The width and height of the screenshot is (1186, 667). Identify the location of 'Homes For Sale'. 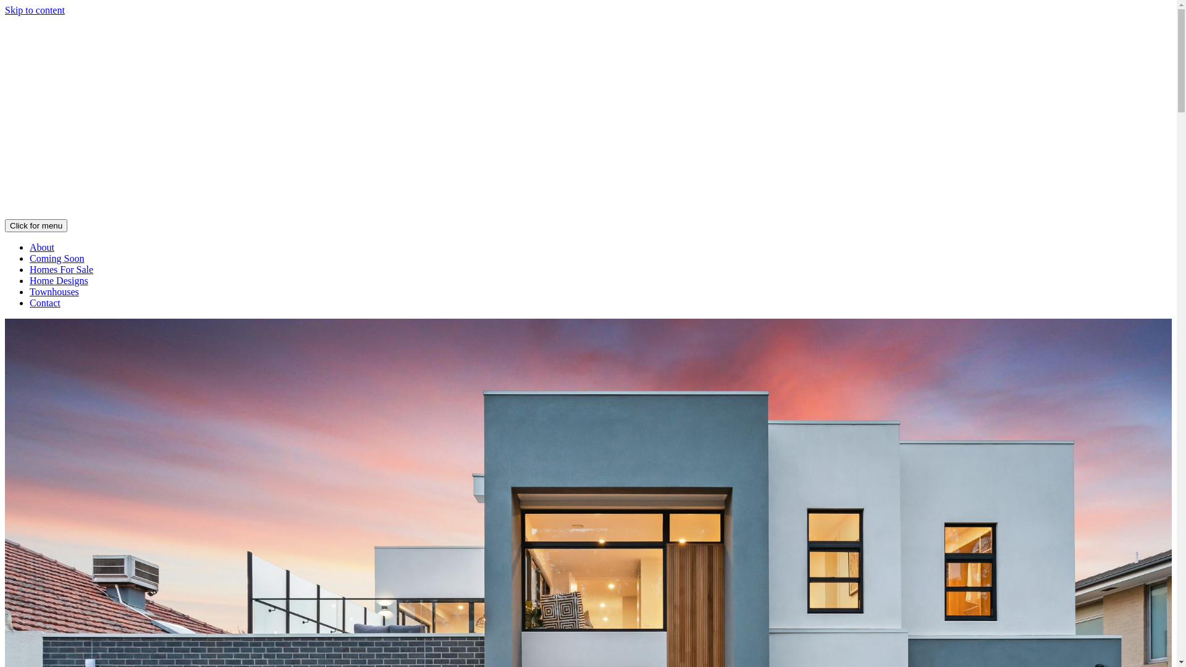
(61, 269).